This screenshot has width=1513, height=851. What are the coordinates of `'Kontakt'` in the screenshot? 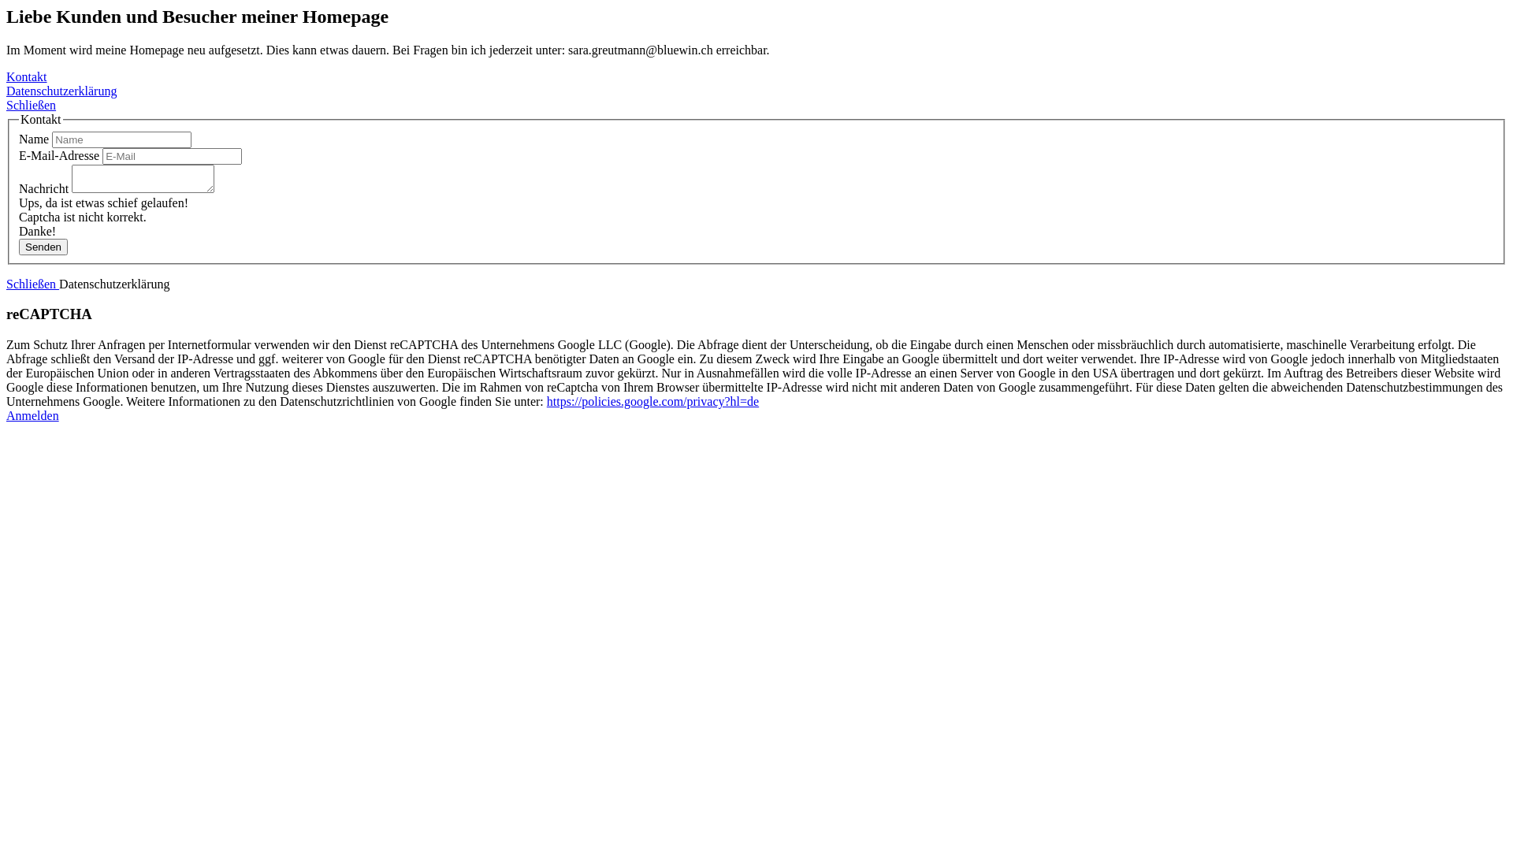 It's located at (6, 76).